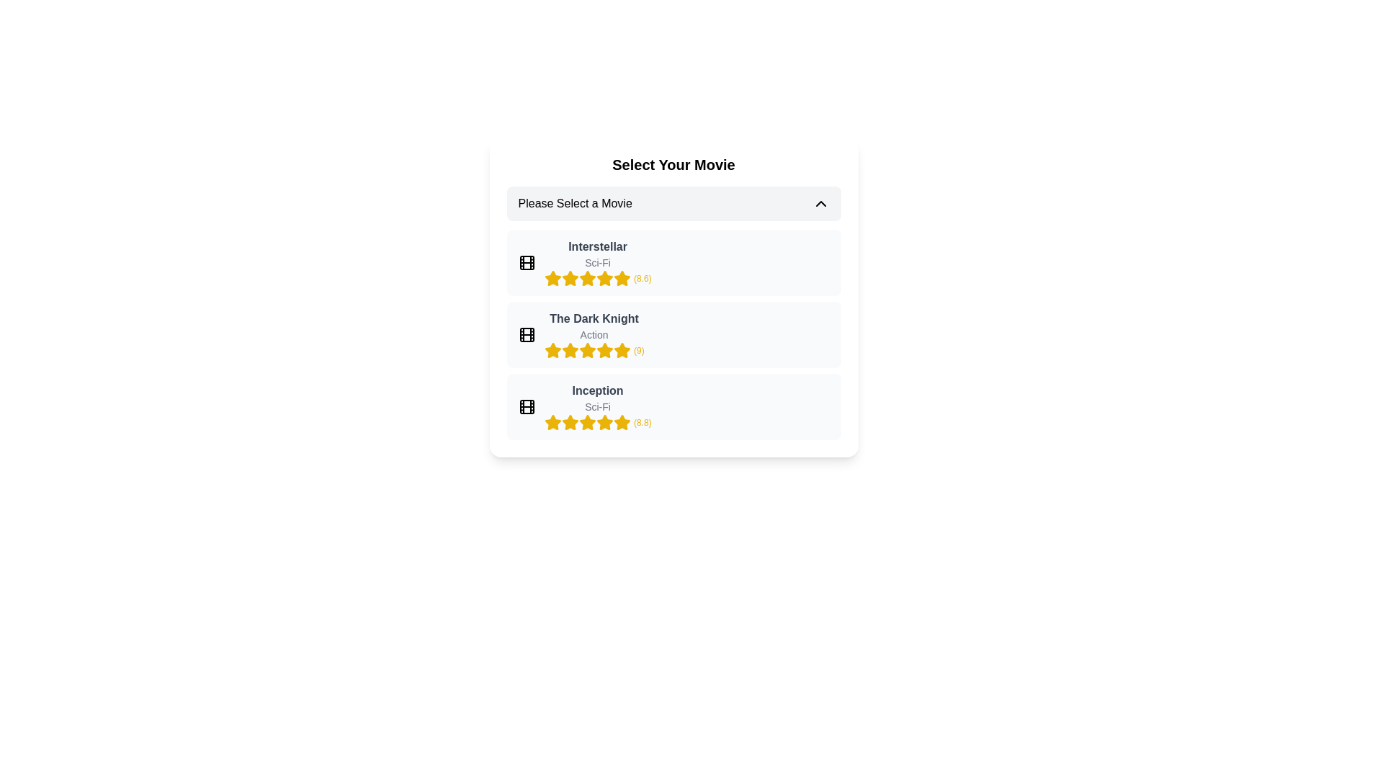 Image resolution: width=1383 pixels, height=778 pixels. Describe the element at coordinates (594, 335) in the screenshot. I see `the informational text label indicating the genre of the movie 'The Dark Knight', located directly below the movie title and above the rating area` at that location.